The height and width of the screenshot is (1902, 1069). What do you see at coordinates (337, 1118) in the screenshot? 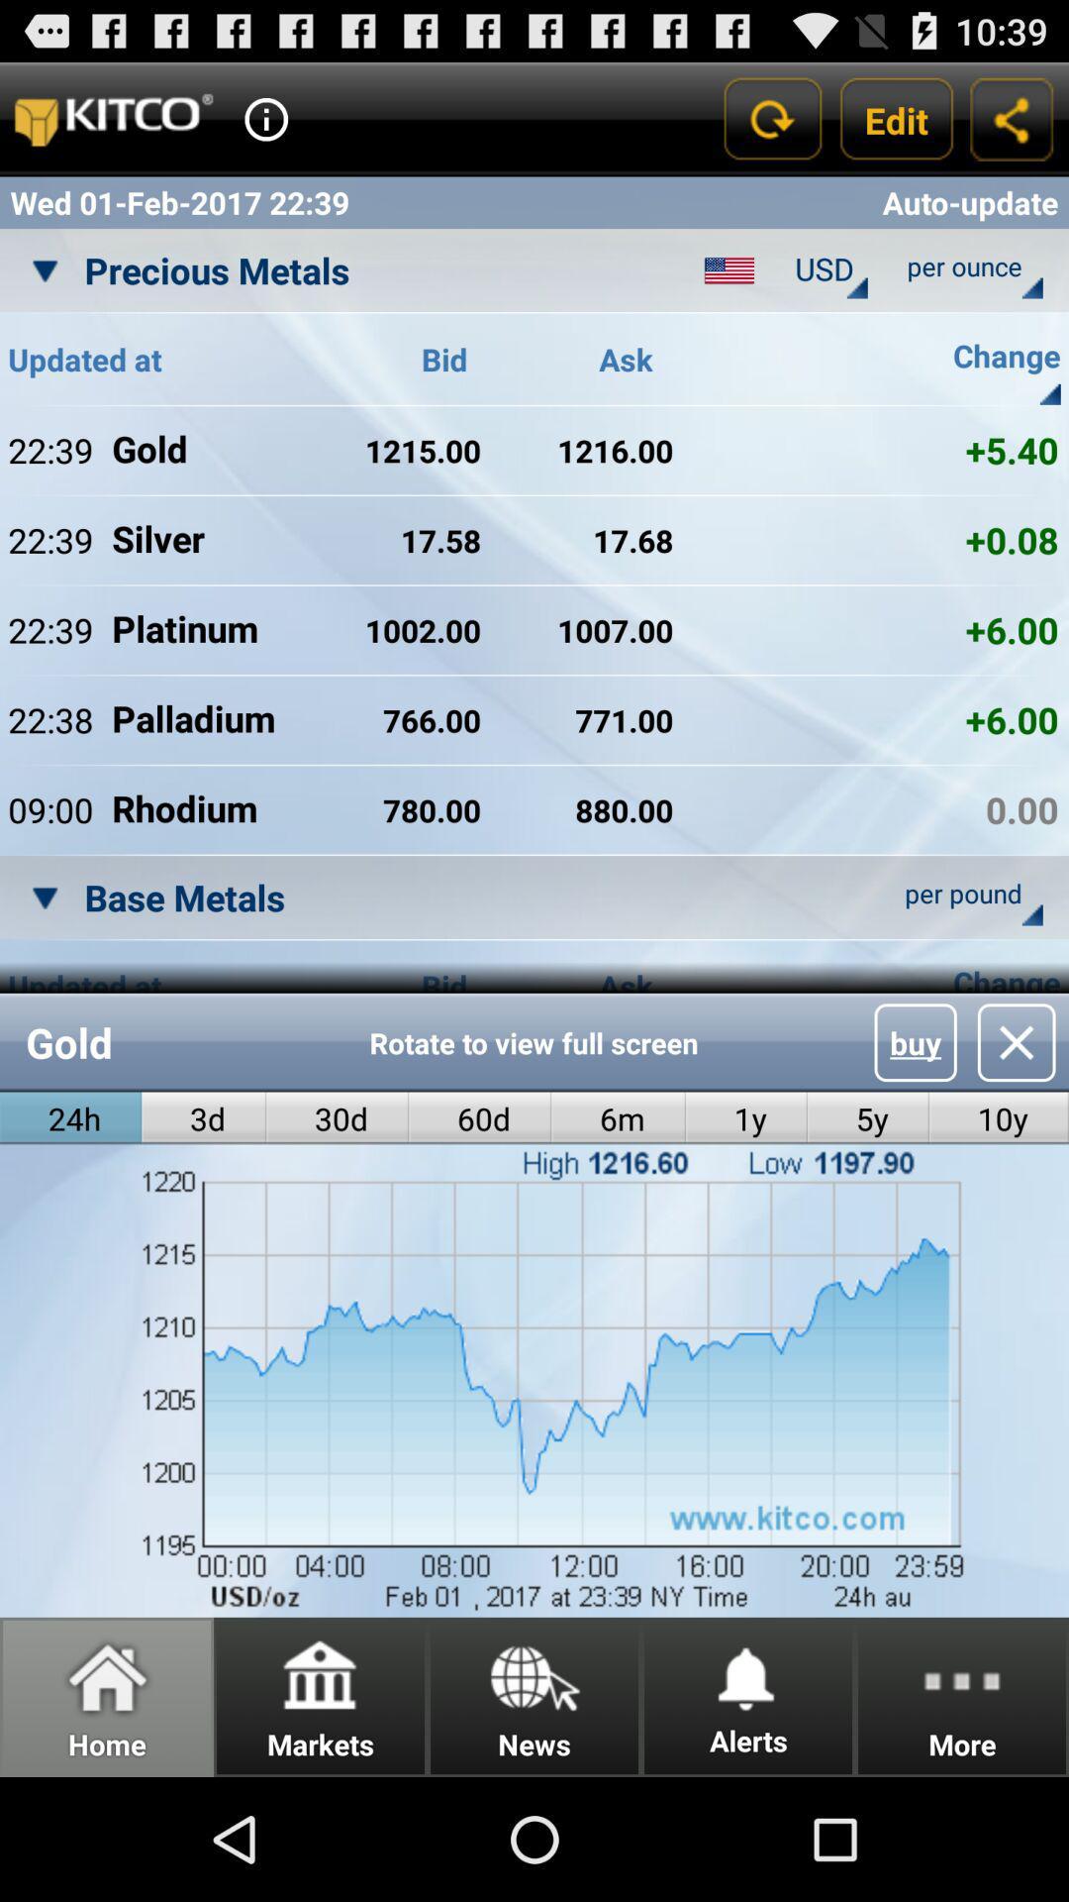
I see `30d radio button` at bounding box center [337, 1118].